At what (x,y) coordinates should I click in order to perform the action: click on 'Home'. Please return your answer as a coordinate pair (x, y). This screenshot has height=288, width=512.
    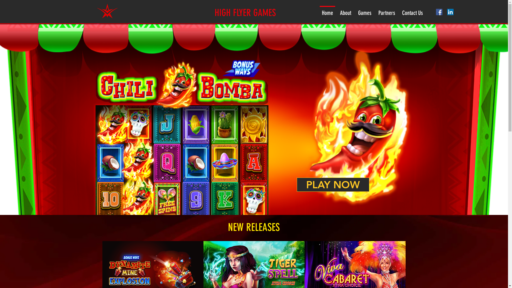
    Looking at the image, I should click on (318, 10).